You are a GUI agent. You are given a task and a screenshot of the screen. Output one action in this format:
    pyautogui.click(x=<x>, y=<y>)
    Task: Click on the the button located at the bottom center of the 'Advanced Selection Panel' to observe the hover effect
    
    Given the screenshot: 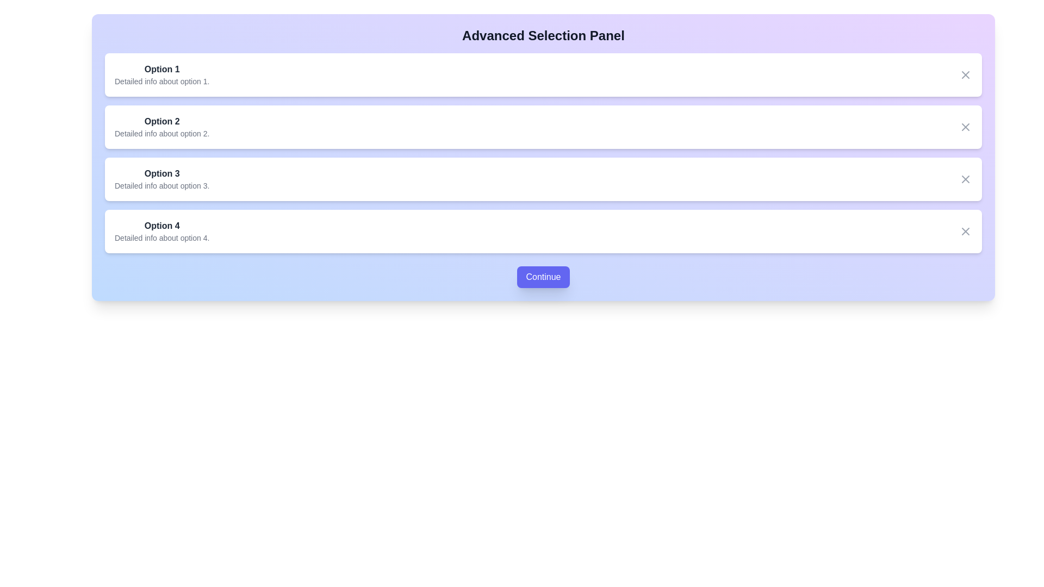 What is the action you would take?
    pyautogui.click(x=543, y=276)
    